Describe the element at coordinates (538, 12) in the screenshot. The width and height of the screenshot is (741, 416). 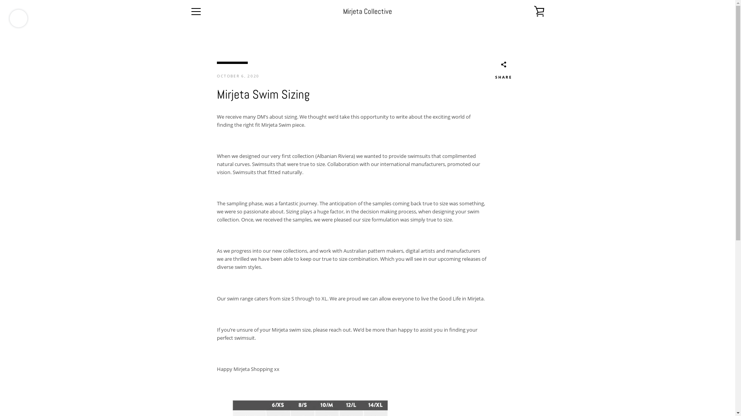
I see `'VIEW CART'` at that location.